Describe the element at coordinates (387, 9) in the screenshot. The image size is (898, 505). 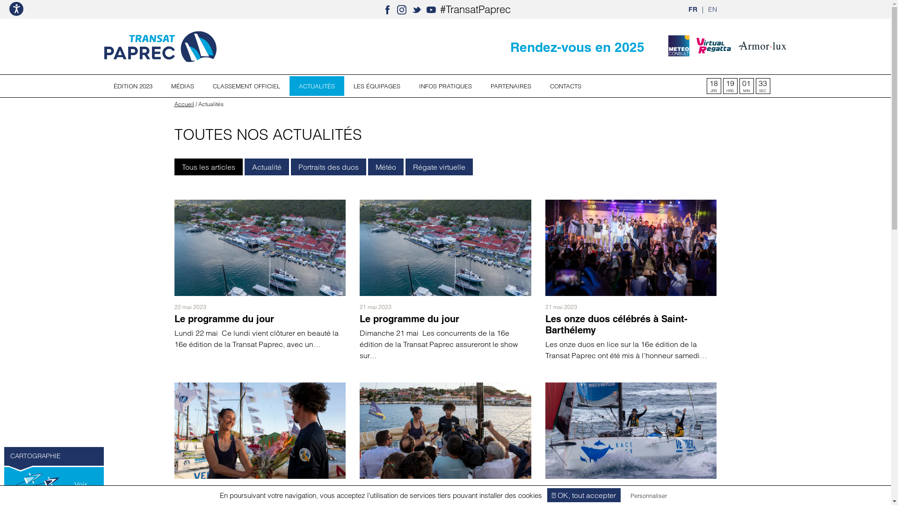
I see `'Facebook'` at that location.